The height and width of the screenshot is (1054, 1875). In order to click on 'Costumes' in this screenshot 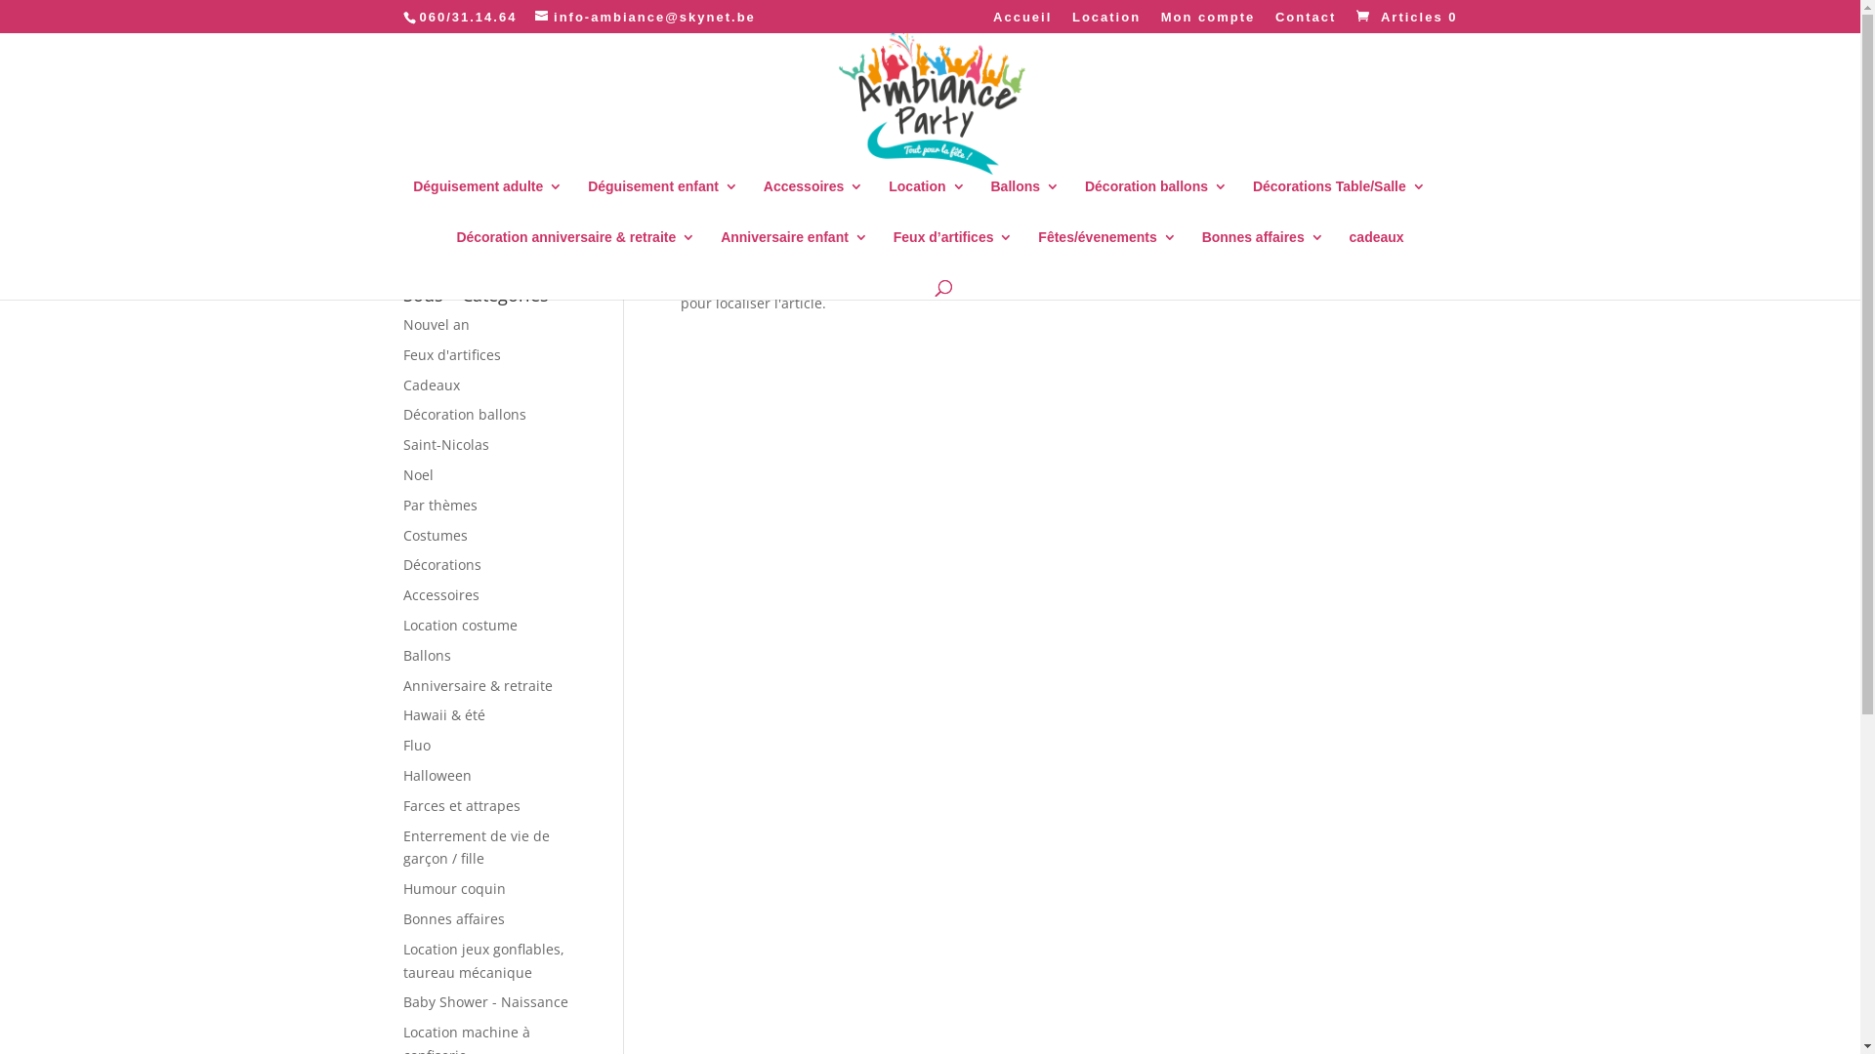, I will do `click(401, 535)`.